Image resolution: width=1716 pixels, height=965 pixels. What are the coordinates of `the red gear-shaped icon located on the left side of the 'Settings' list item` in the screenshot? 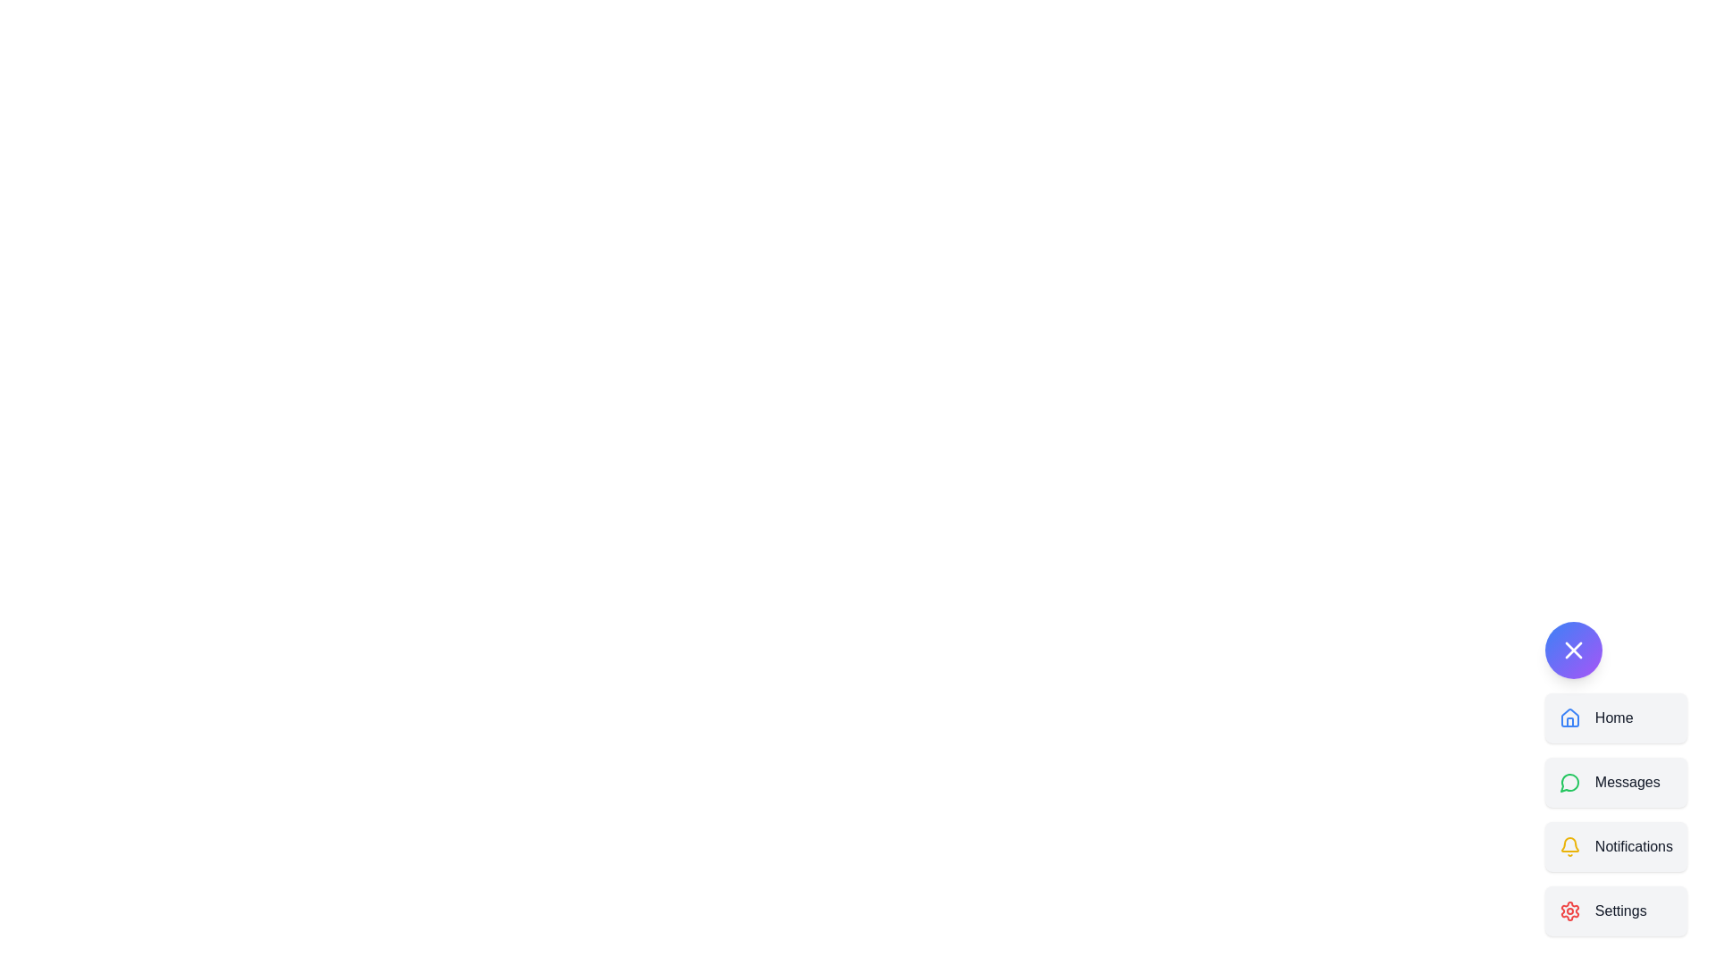 It's located at (1569, 910).